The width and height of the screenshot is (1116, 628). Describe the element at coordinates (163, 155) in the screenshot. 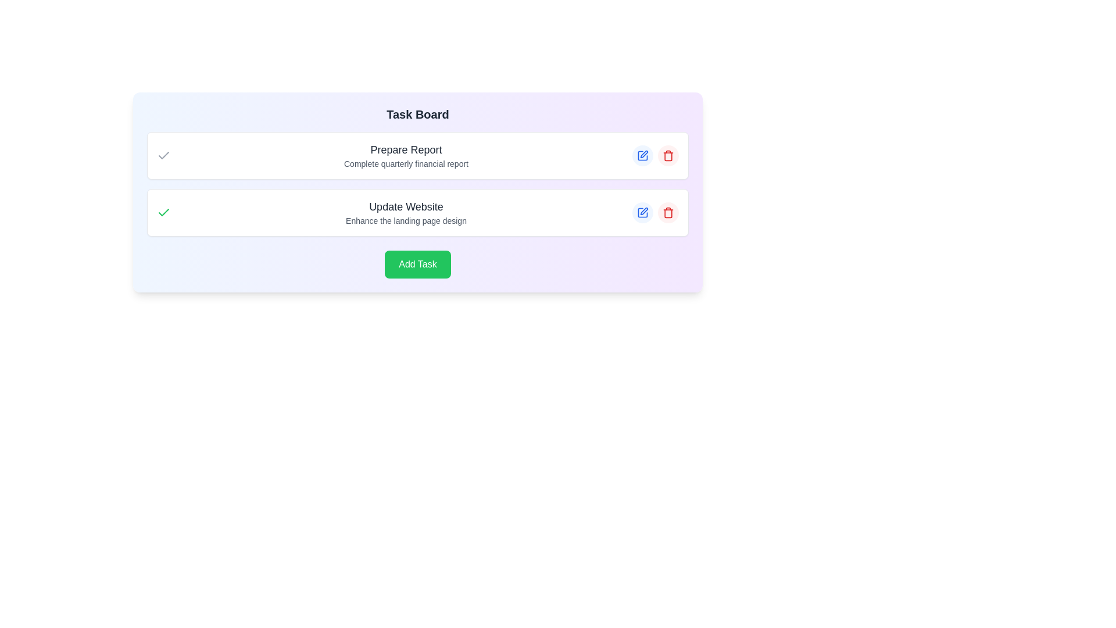

I see `the gray checkmark icon located to the left of the 'Prepare Report' task in the topmost row of the task list` at that location.